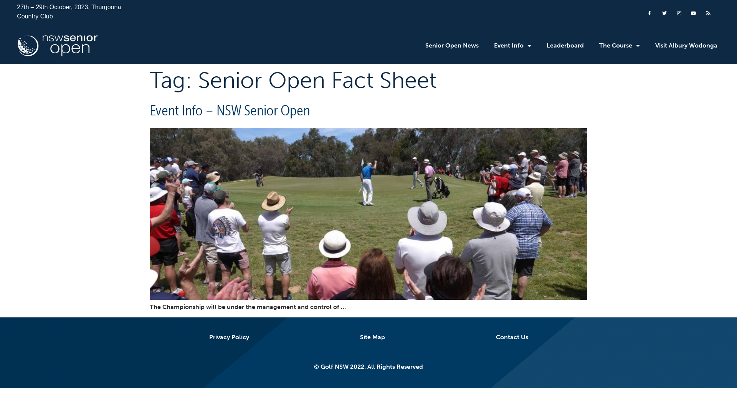 This screenshot has width=737, height=414. Describe the element at coordinates (417, 46) in the screenshot. I see `'Senior Open News'` at that location.